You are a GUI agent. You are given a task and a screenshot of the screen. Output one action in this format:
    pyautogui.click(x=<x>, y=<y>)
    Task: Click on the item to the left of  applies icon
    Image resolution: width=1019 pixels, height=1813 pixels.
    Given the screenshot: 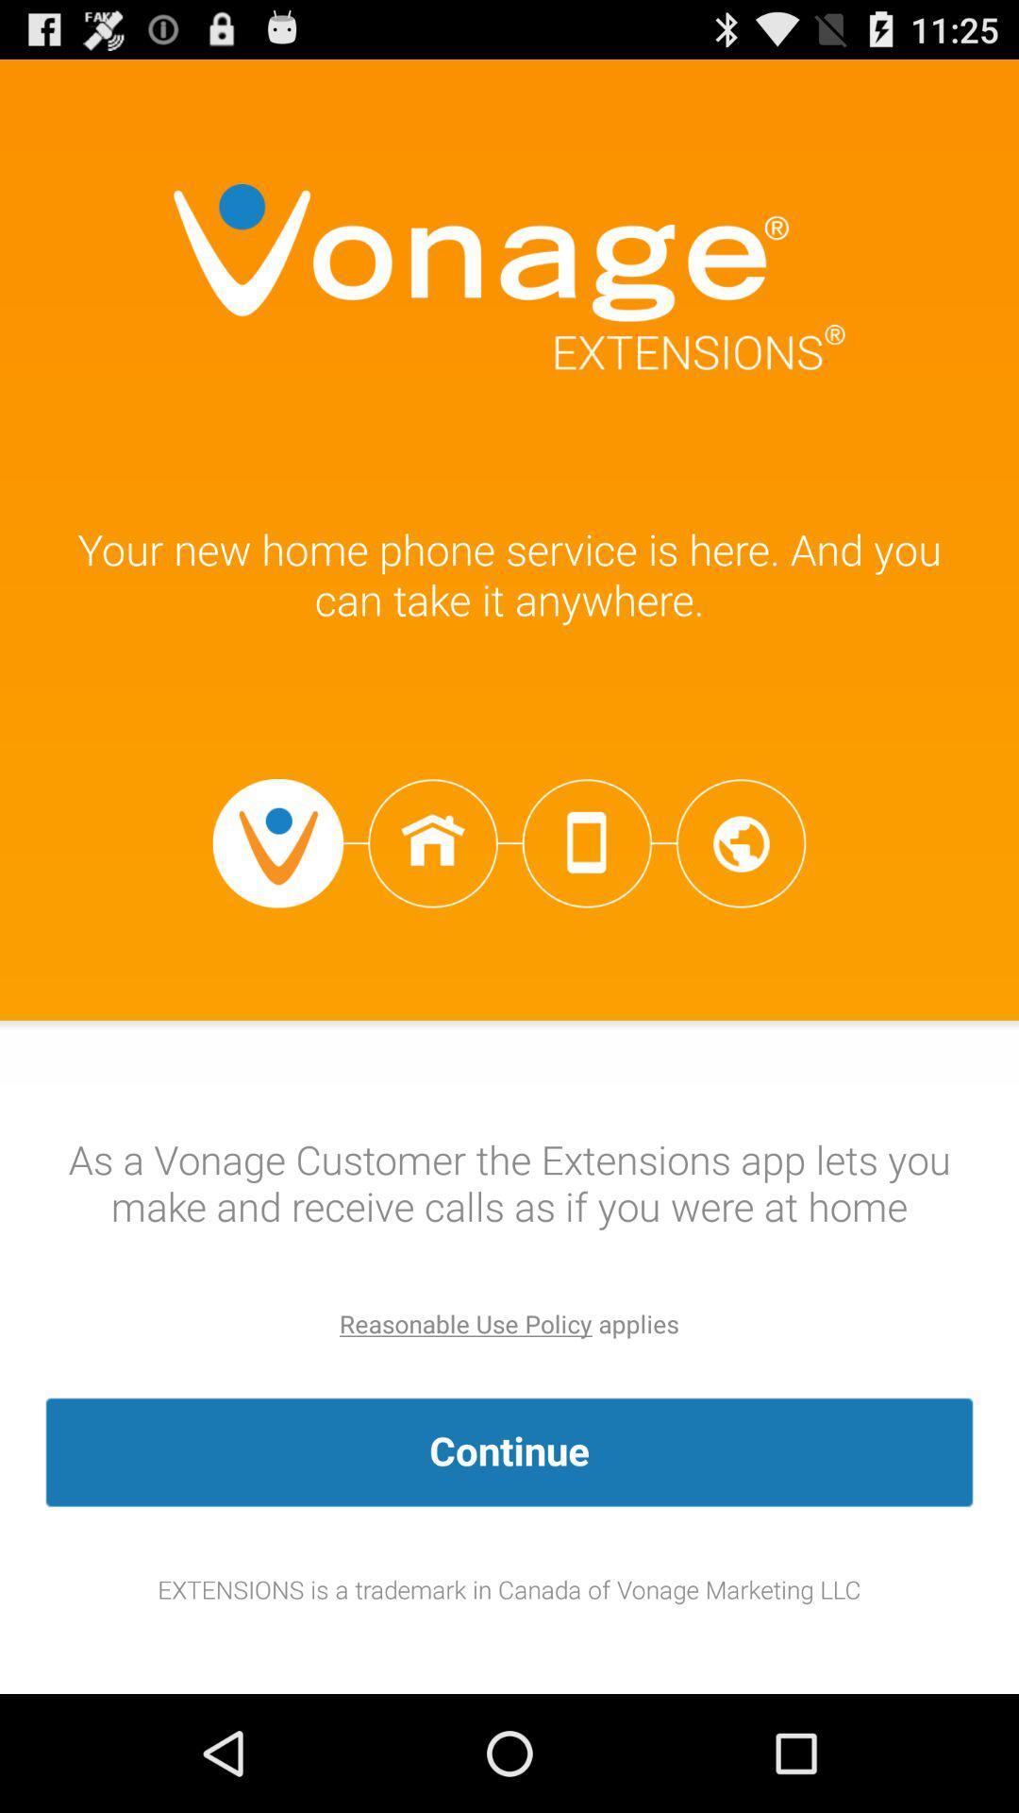 What is the action you would take?
    pyautogui.click(x=465, y=1323)
    